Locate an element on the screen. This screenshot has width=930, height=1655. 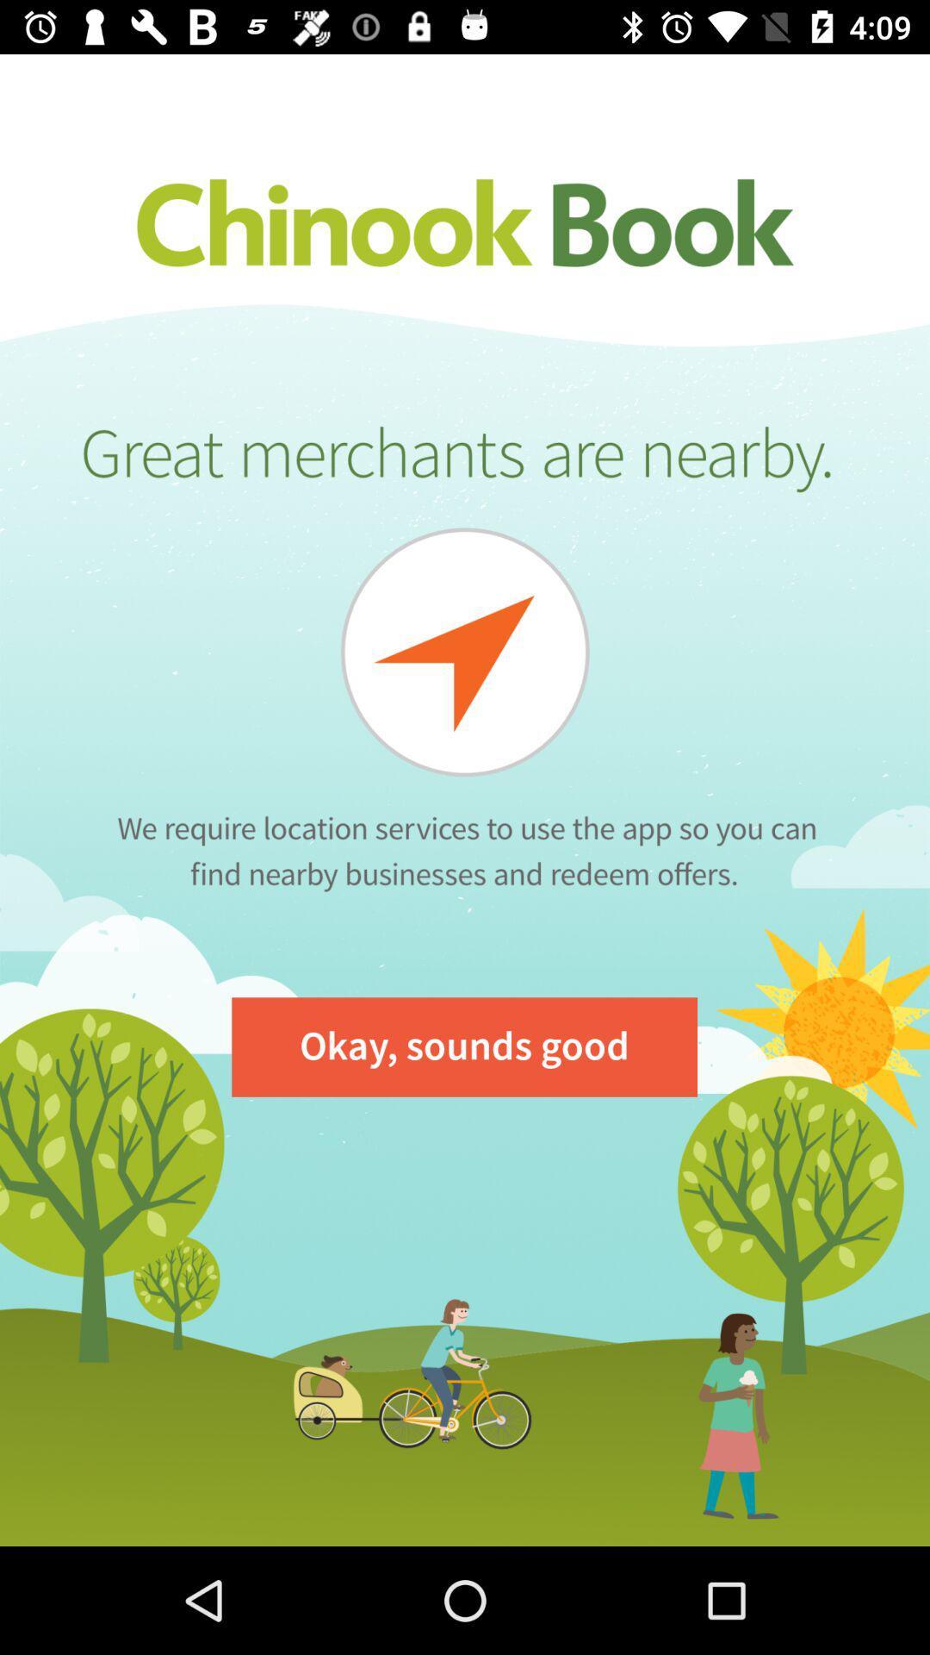
okay, sounds good is located at coordinates (463, 1046).